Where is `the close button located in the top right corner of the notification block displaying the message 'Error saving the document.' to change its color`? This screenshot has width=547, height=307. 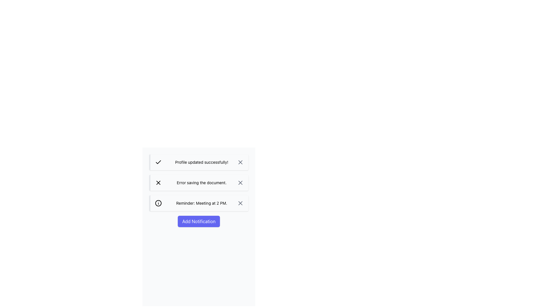
the close button located in the top right corner of the notification block displaying the message 'Error saving the document.' to change its color is located at coordinates (240, 183).